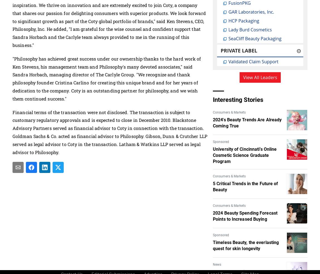 The width and height of the screenshot is (320, 274). I want to click on 'HCP Packaging', so click(243, 21).